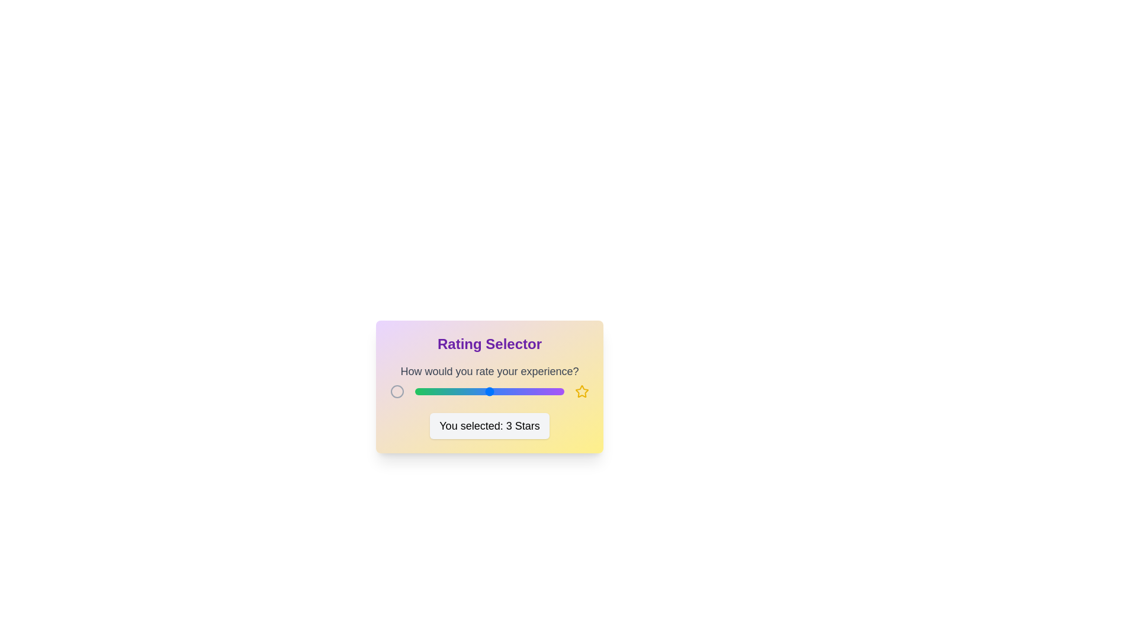 Image resolution: width=1137 pixels, height=640 pixels. I want to click on the rating slider to set the rating to 1 stars, so click(415, 391).